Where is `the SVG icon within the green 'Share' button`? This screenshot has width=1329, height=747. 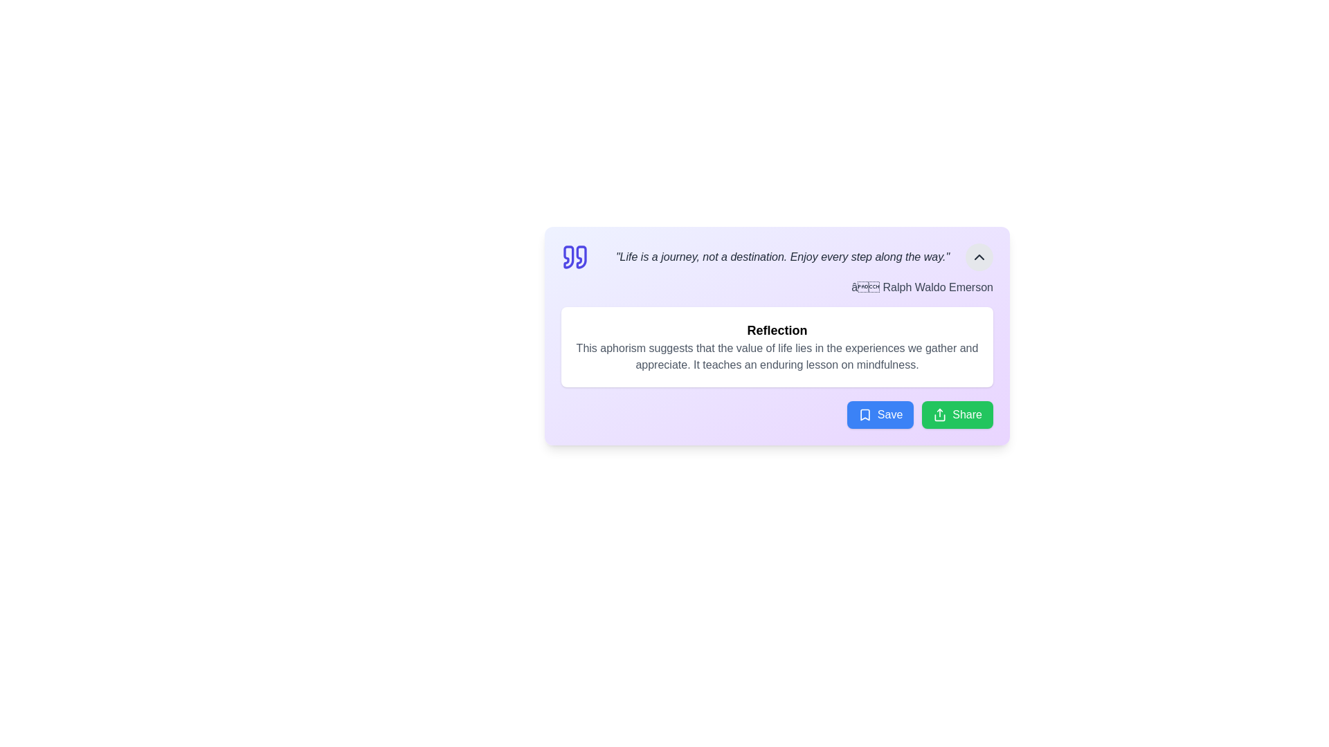 the SVG icon within the green 'Share' button is located at coordinates (940, 414).